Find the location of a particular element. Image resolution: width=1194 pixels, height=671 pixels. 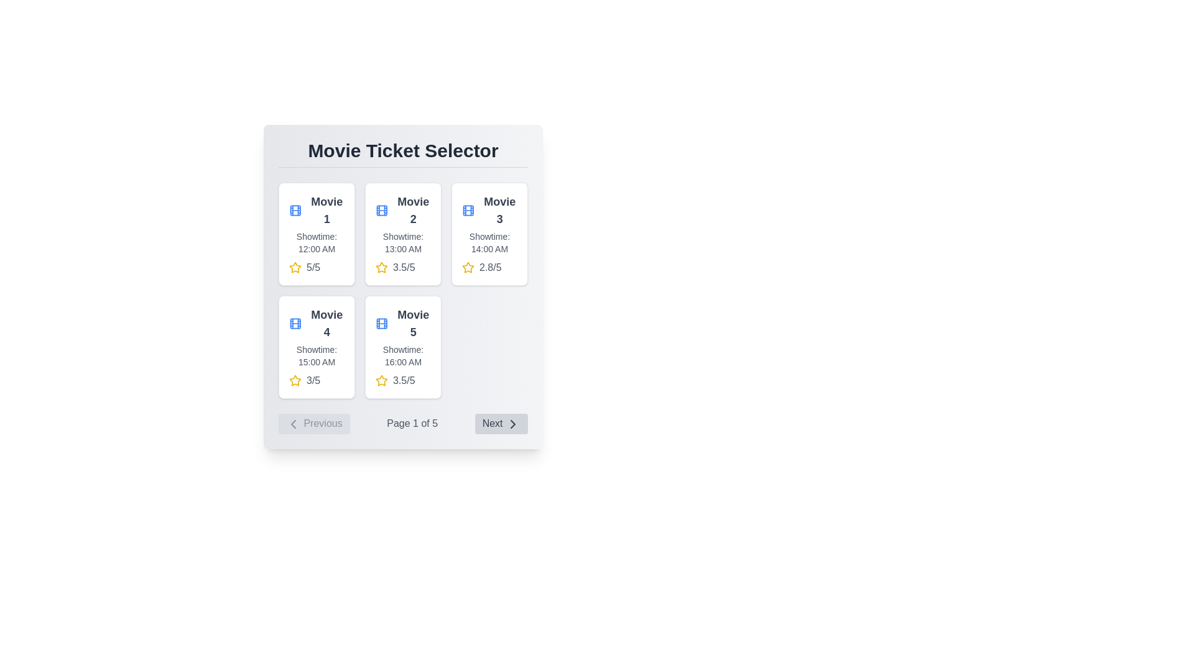

the text label that serves as the title of the movie, located at the top of the first card in the grid of movie cards is located at coordinates (326, 210).